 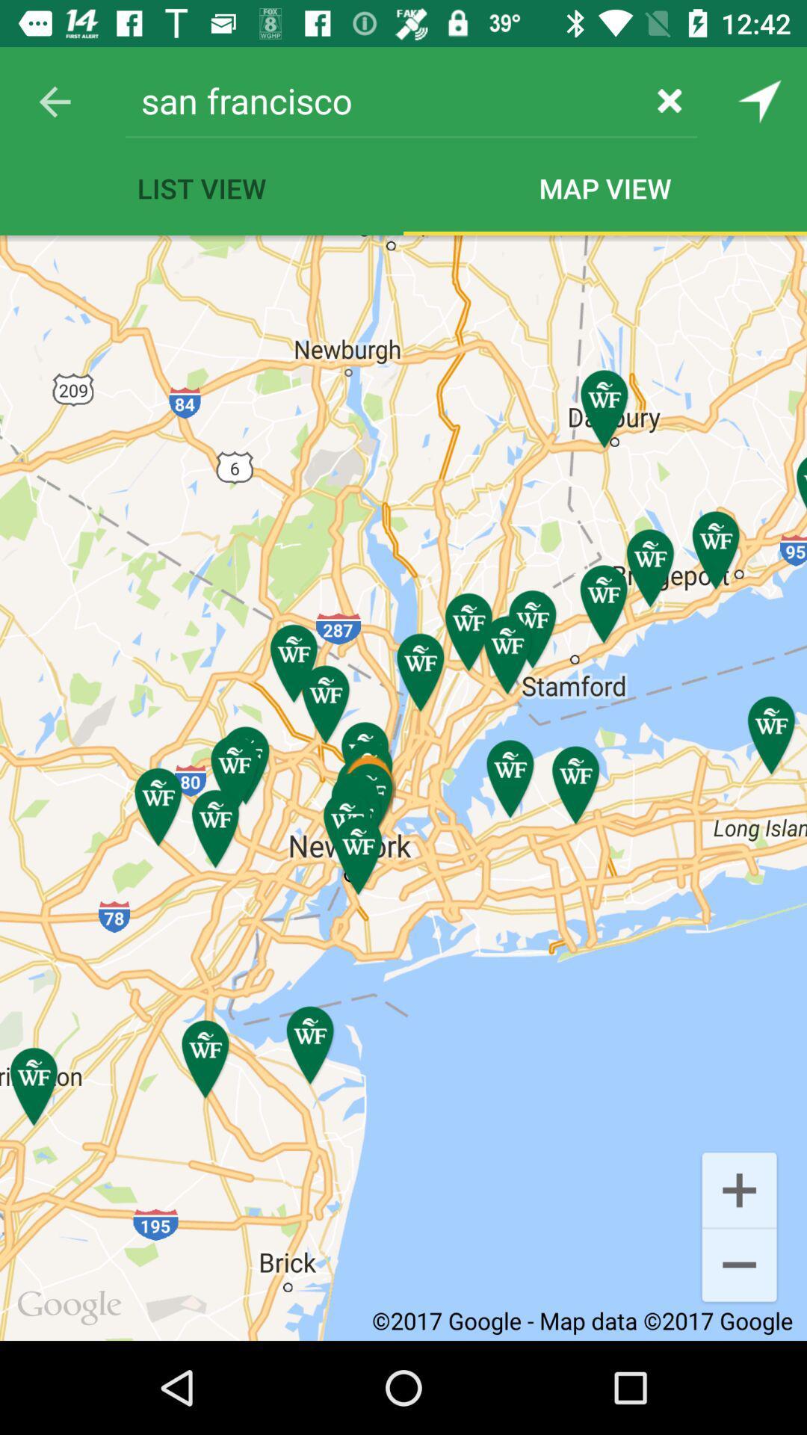 What do you see at coordinates (383, 99) in the screenshot?
I see `the san francisco icon` at bounding box center [383, 99].